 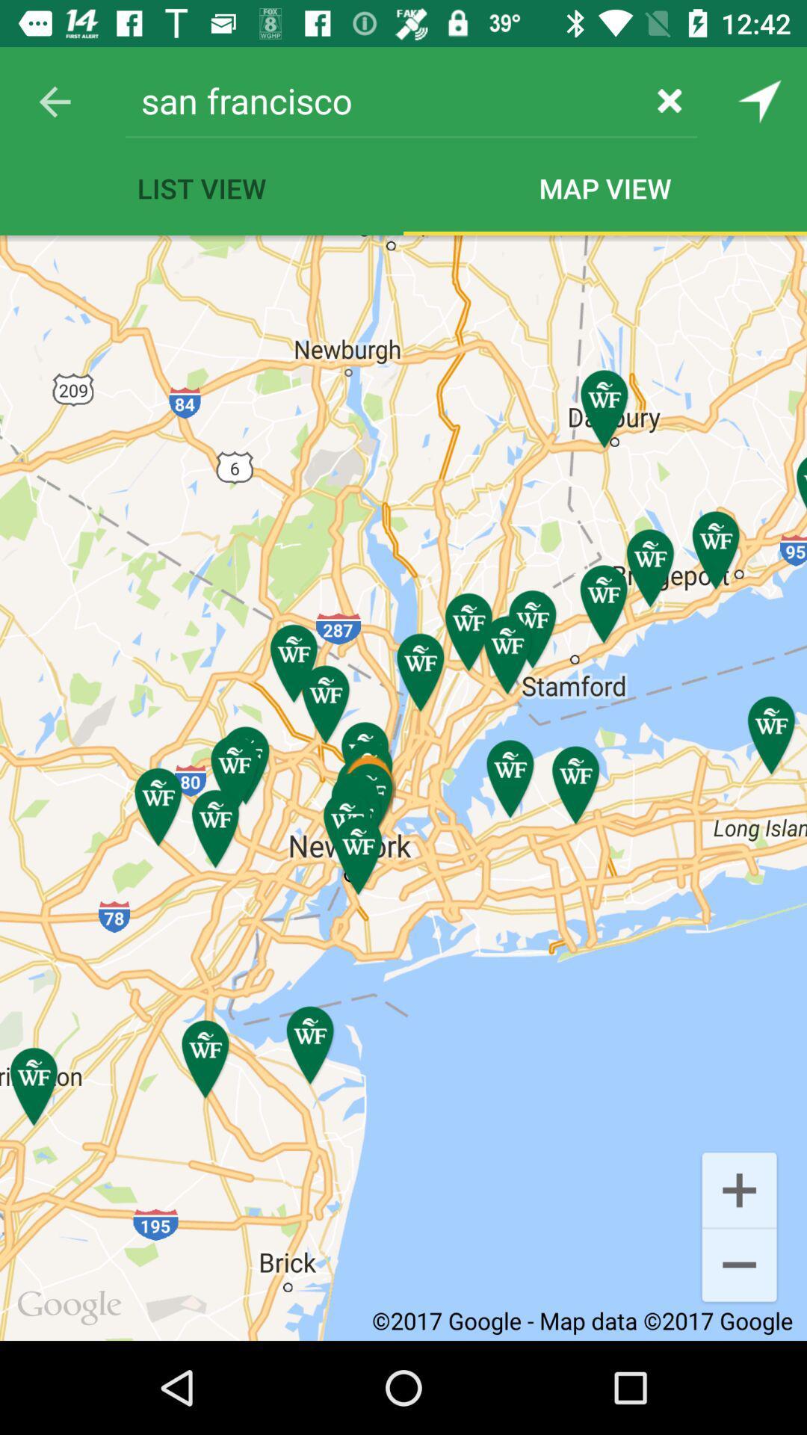 What do you see at coordinates (383, 99) in the screenshot?
I see `the san francisco icon` at bounding box center [383, 99].